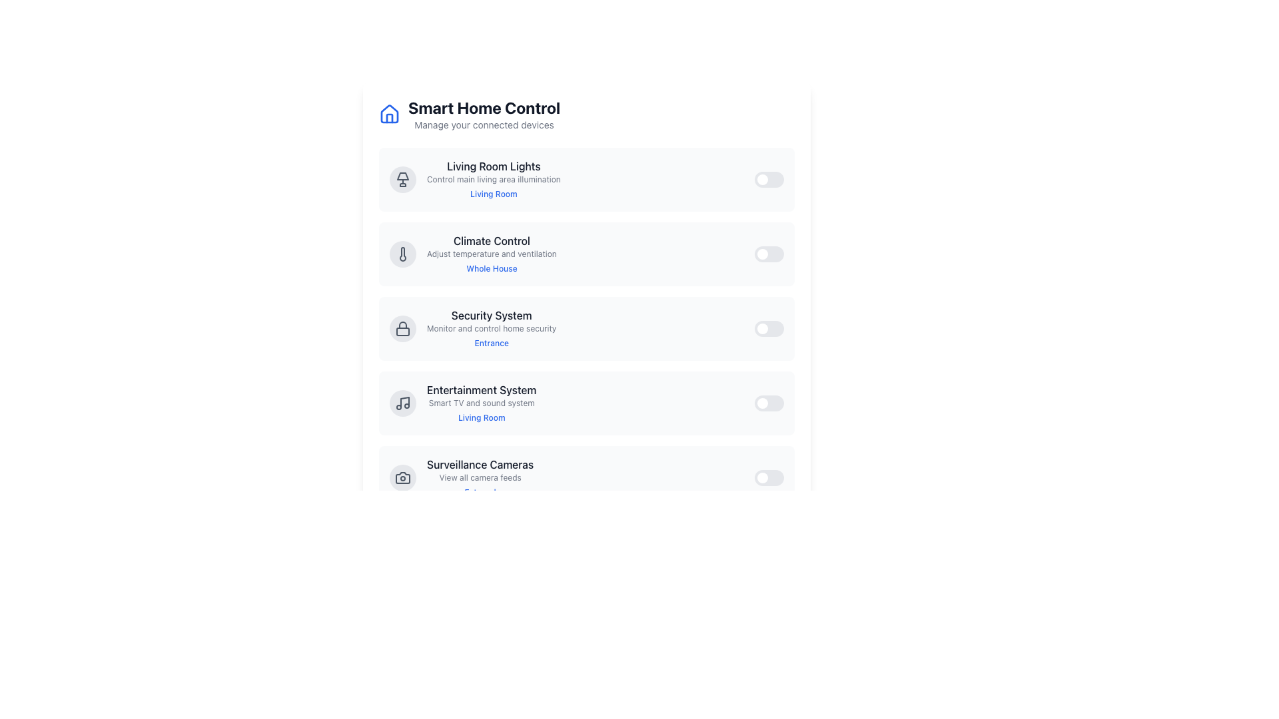 This screenshot has height=719, width=1279. What do you see at coordinates (402, 477) in the screenshot?
I see `the camera icon located in the Surveillance Cameras section of the Smart Home Control interface, which is depicted with a light gray outline and positioned to the left of the section title` at bounding box center [402, 477].